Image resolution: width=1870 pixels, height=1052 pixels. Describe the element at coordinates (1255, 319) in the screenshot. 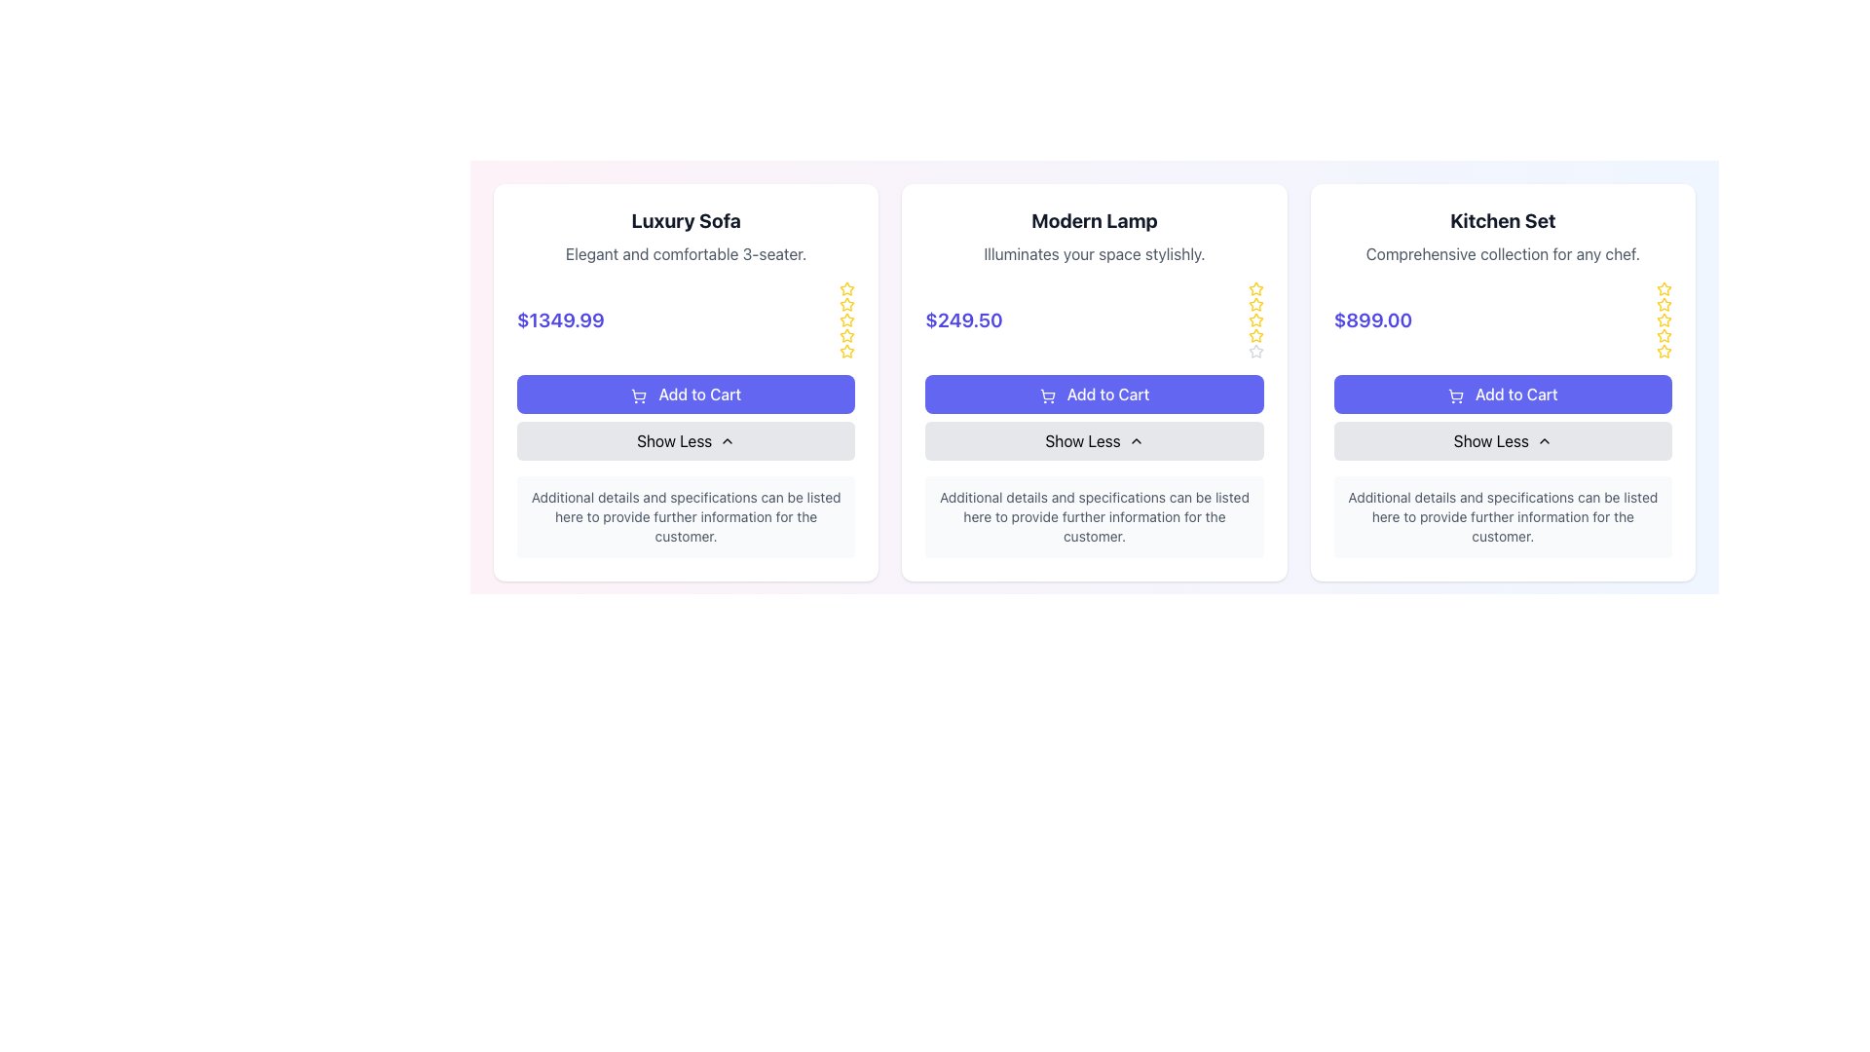

I see `the sixth gray star icon in the vertical sequence of star icons used for rating the 'Modern Lamp' product, which is located in the rightmost portion of the product card` at that location.